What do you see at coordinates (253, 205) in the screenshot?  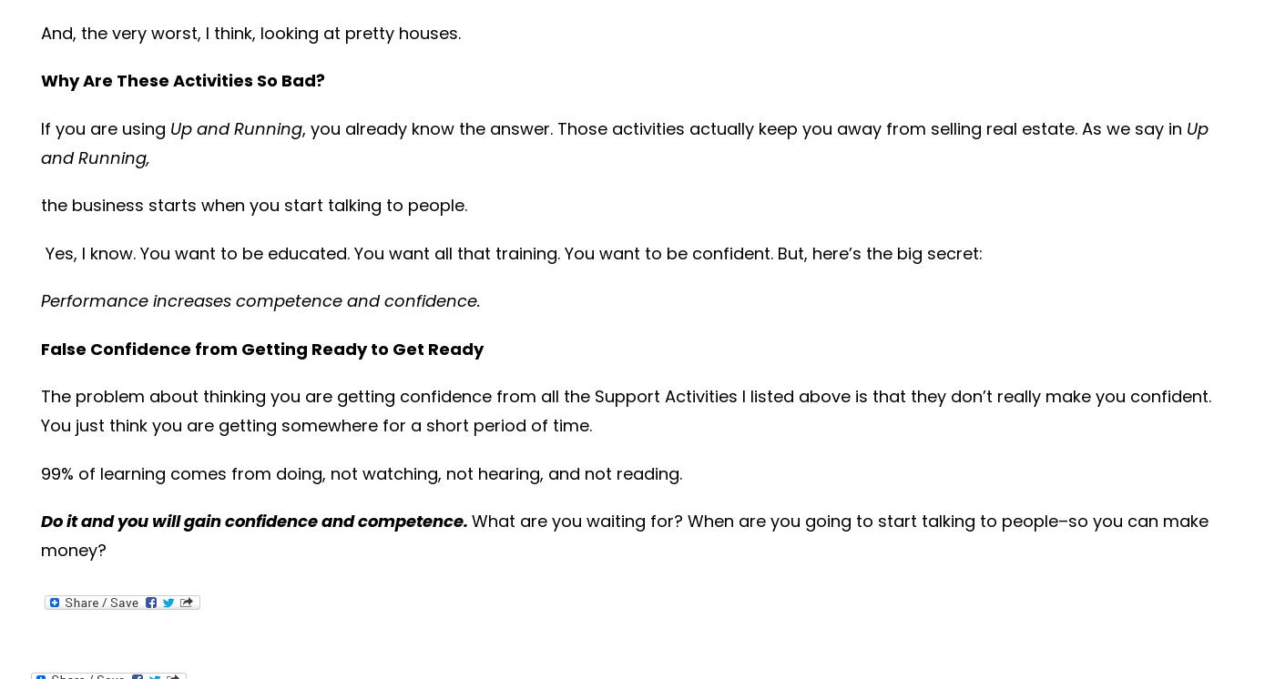 I see `'the business starts when you start talking to people.'` at bounding box center [253, 205].